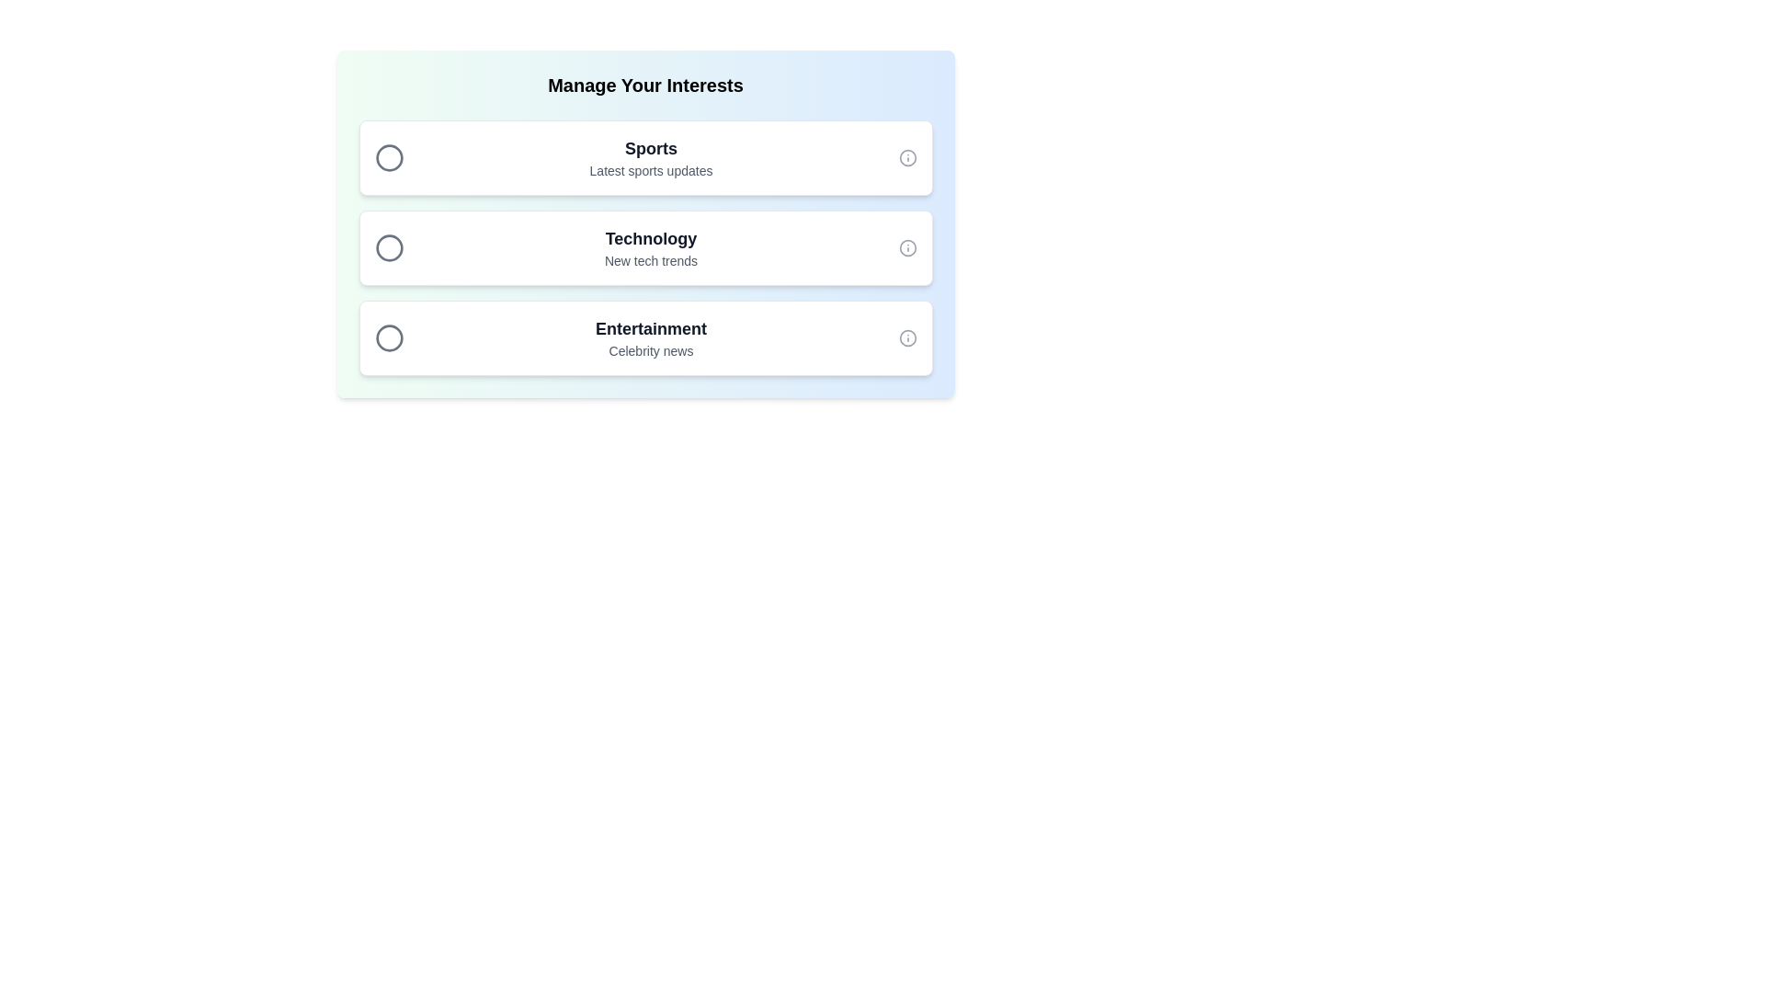  What do you see at coordinates (645, 157) in the screenshot?
I see `the chip item labeled Sports by clicking on it` at bounding box center [645, 157].